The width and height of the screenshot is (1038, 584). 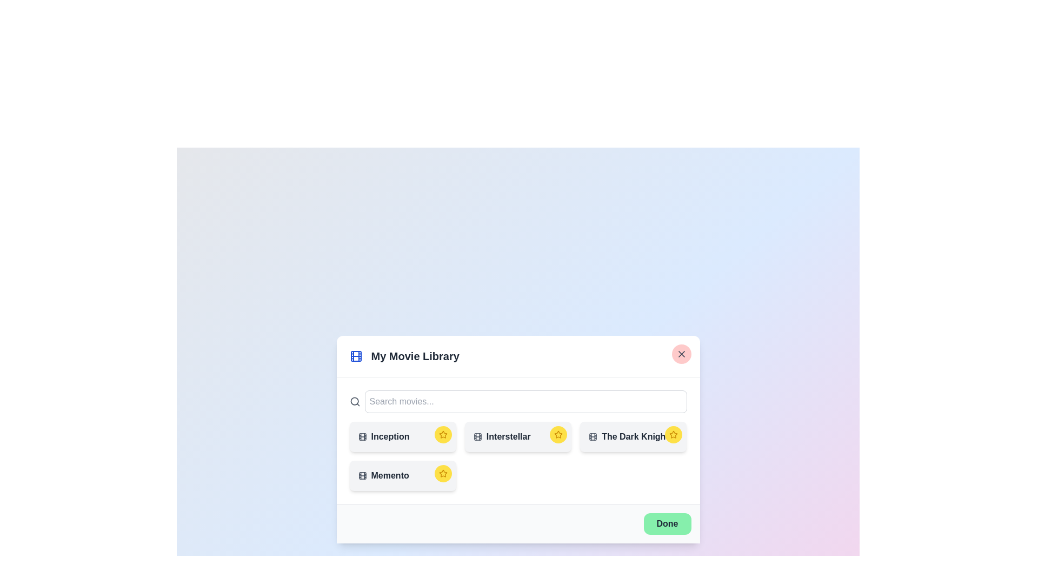 I want to click on the favorite toggle button for the 'Memento' movie card located in the top-right corner of the card within 'My Movie Library', so click(x=443, y=473).